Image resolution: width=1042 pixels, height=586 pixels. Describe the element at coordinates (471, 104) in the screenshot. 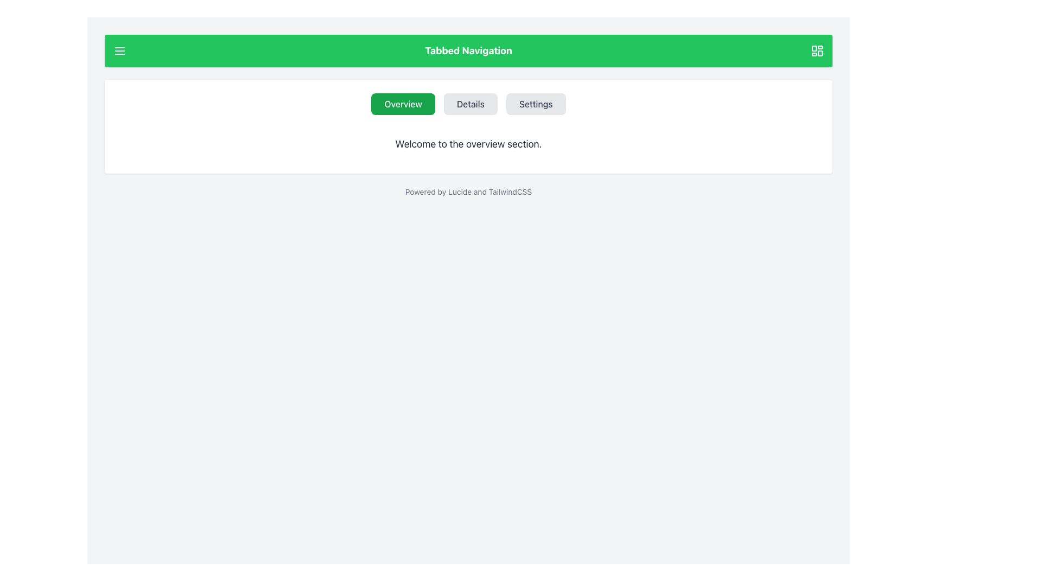

I see `the 'Details' button with navy blue text in the tab menu` at that location.